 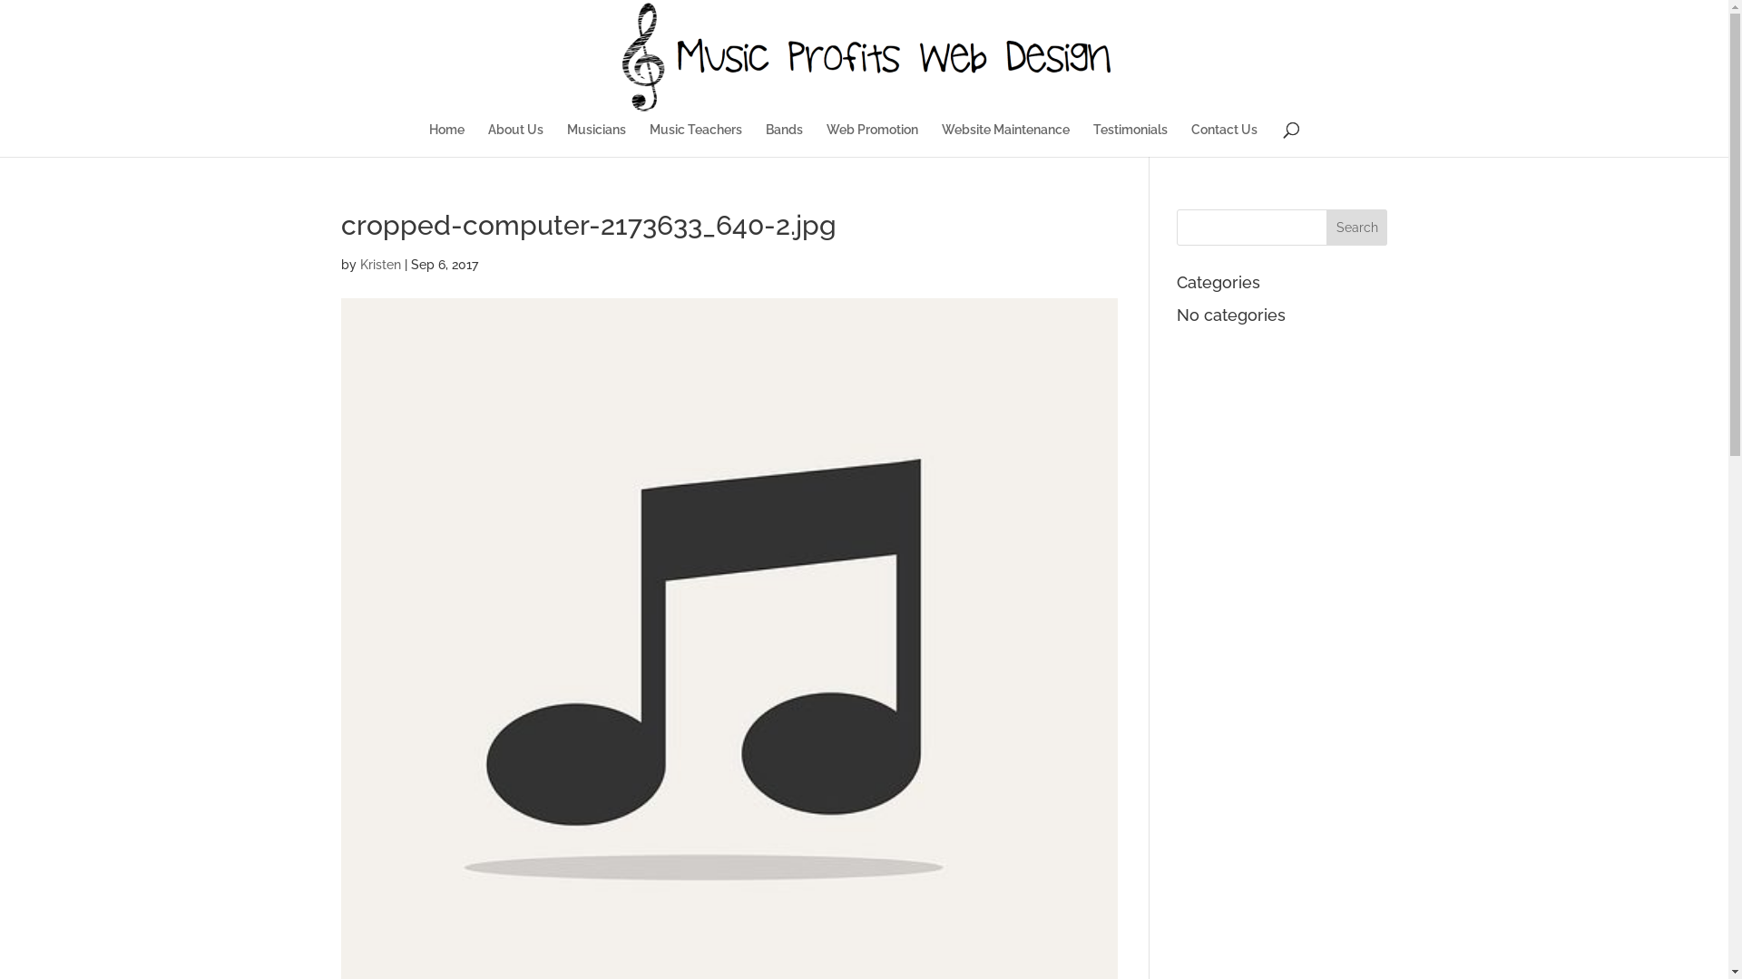 I want to click on 'Website Maintenance', so click(x=1004, y=139).